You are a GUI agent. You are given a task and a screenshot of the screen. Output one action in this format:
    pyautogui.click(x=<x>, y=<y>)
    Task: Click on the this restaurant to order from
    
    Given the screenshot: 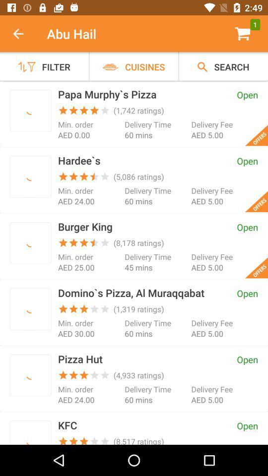 What is the action you would take?
    pyautogui.click(x=30, y=111)
    